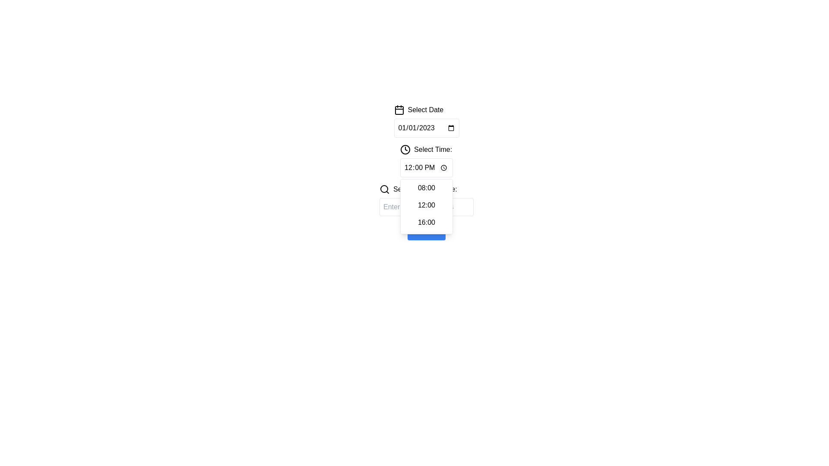  What do you see at coordinates (427, 207) in the screenshot?
I see `the text input field` at bounding box center [427, 207].